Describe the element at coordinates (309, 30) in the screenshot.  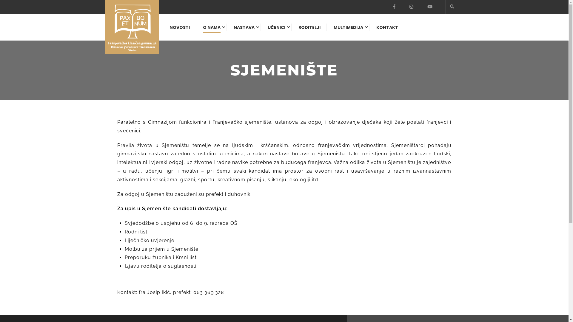
I see `'RODITELJI'` at that location.